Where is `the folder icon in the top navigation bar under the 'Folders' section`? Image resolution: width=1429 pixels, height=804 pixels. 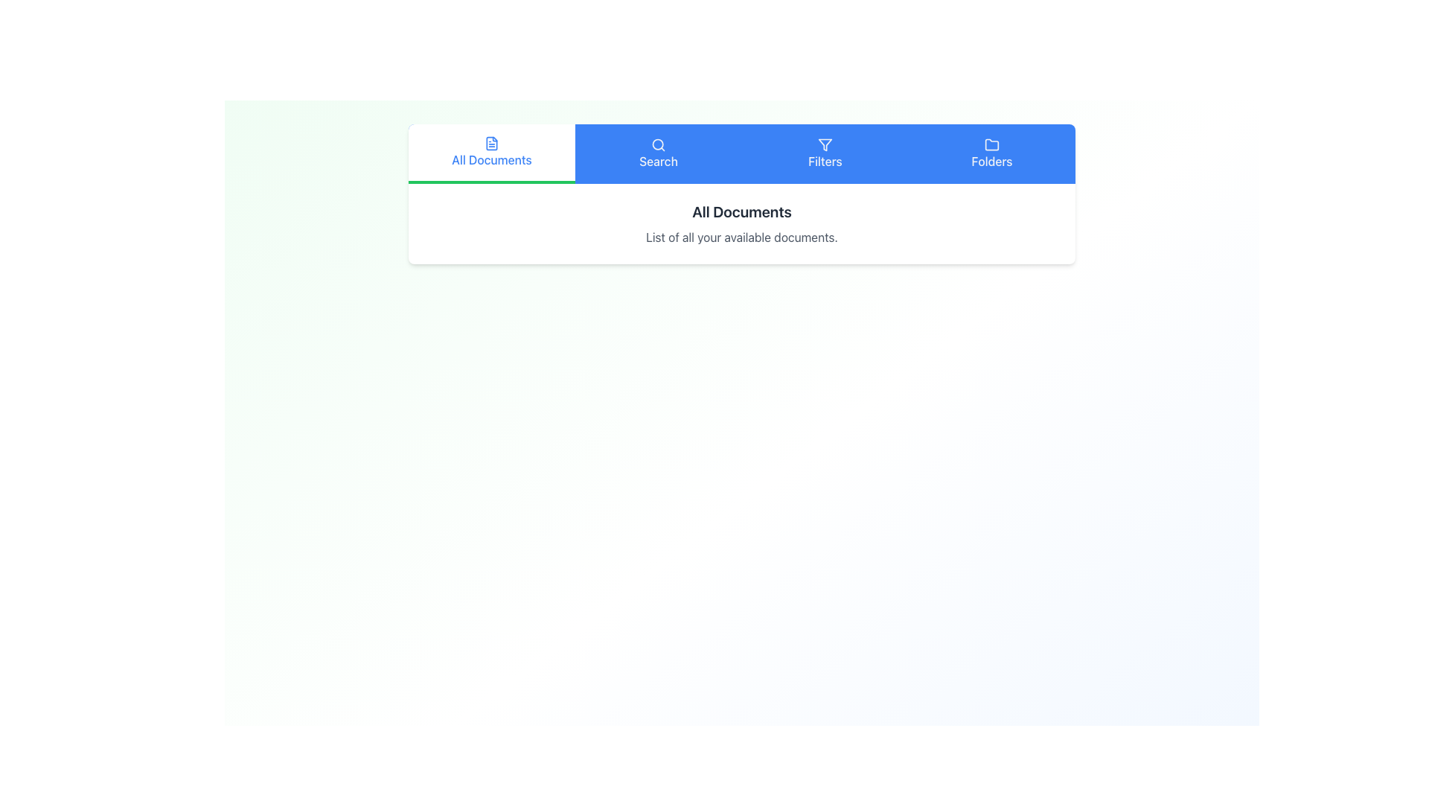 the folder icon in the top navigation bar under the 'Folders' section is located at coordinates (992, 144).